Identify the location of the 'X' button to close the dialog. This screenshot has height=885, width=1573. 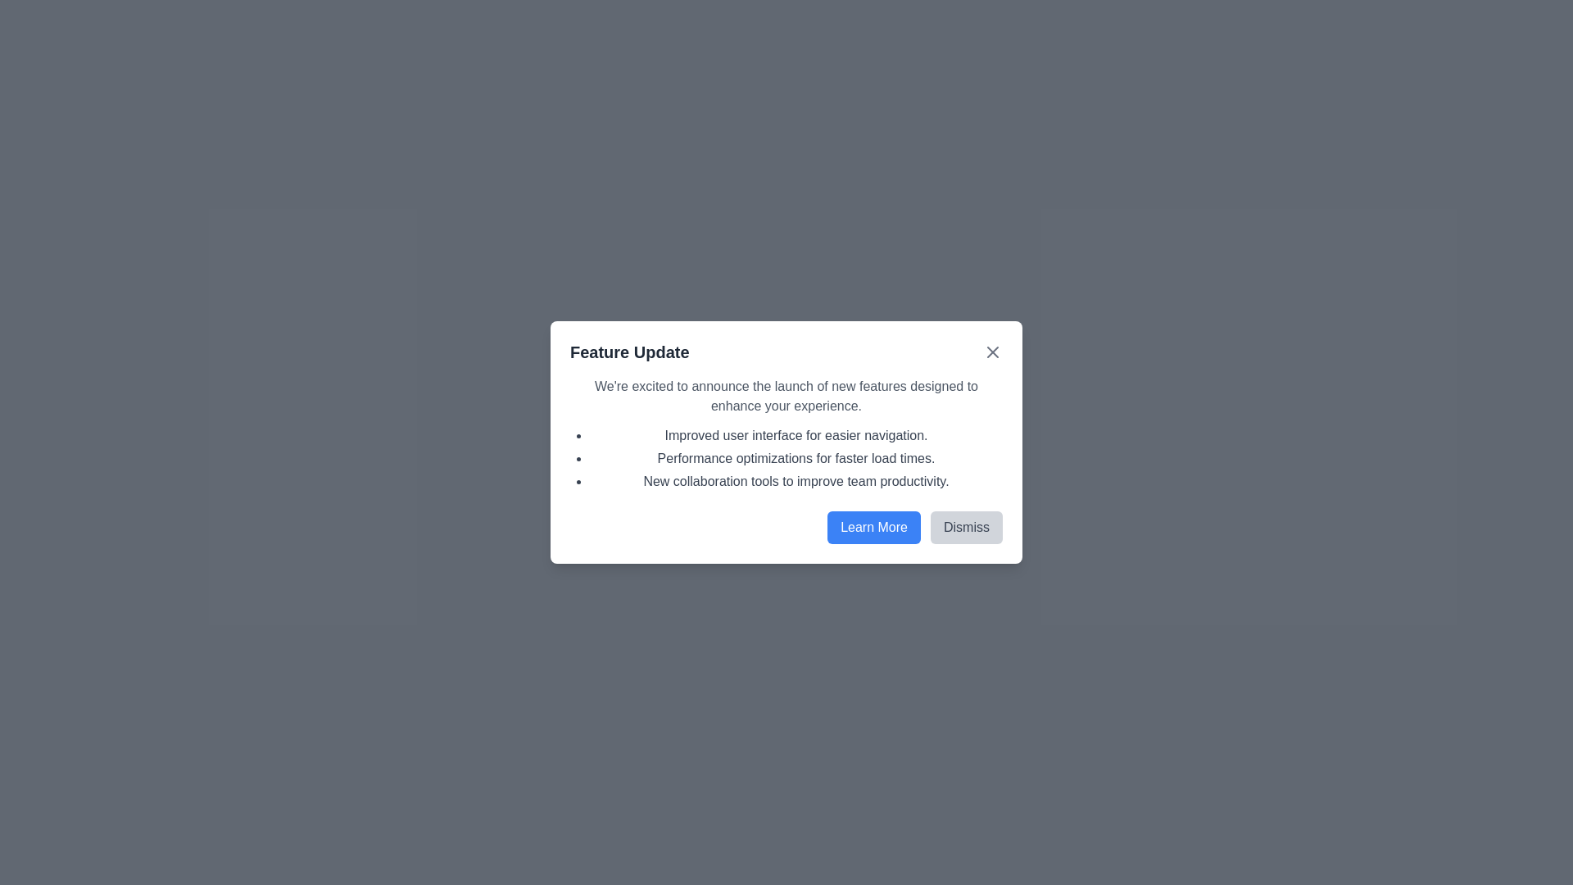
(991, 351).